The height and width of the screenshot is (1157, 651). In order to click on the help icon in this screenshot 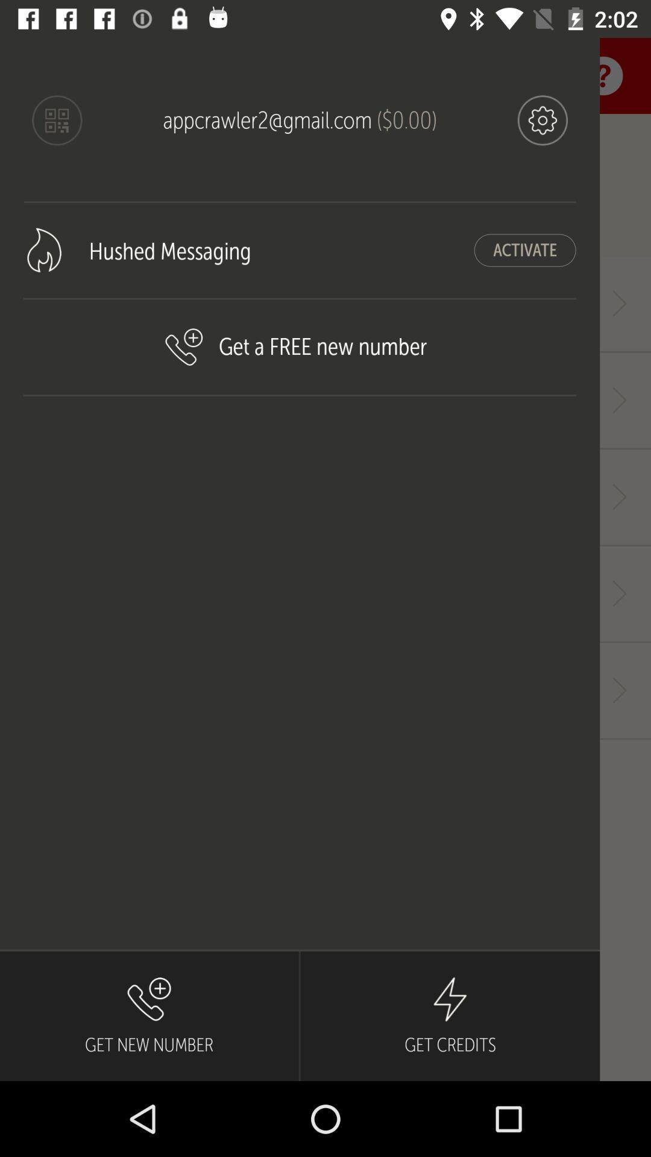, I will do `click(603, 75)`.